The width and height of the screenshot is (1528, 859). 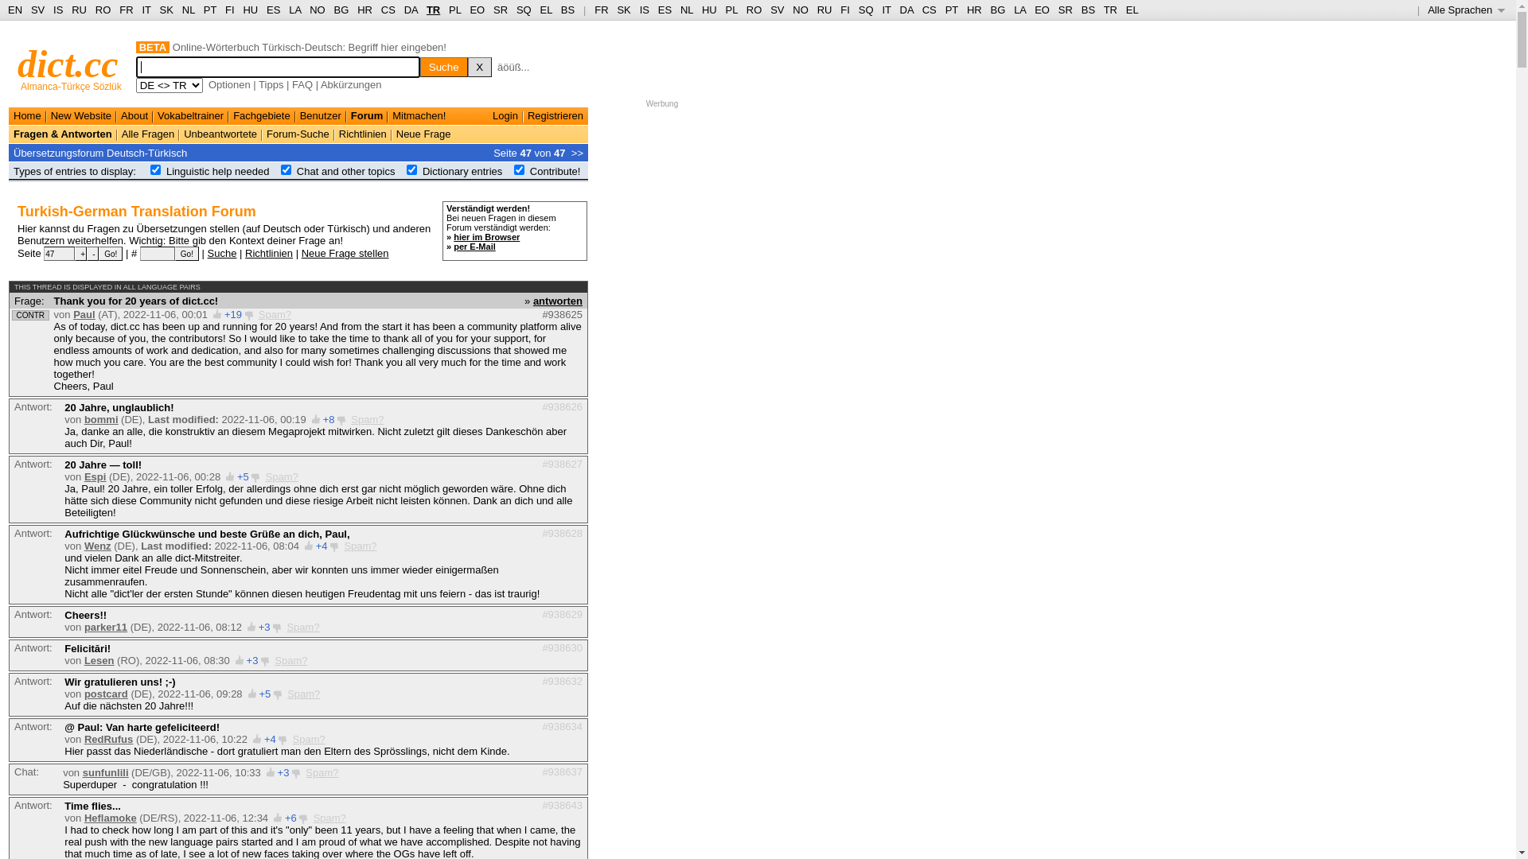 I want to click on 'BS', so click(x=567, y=10).